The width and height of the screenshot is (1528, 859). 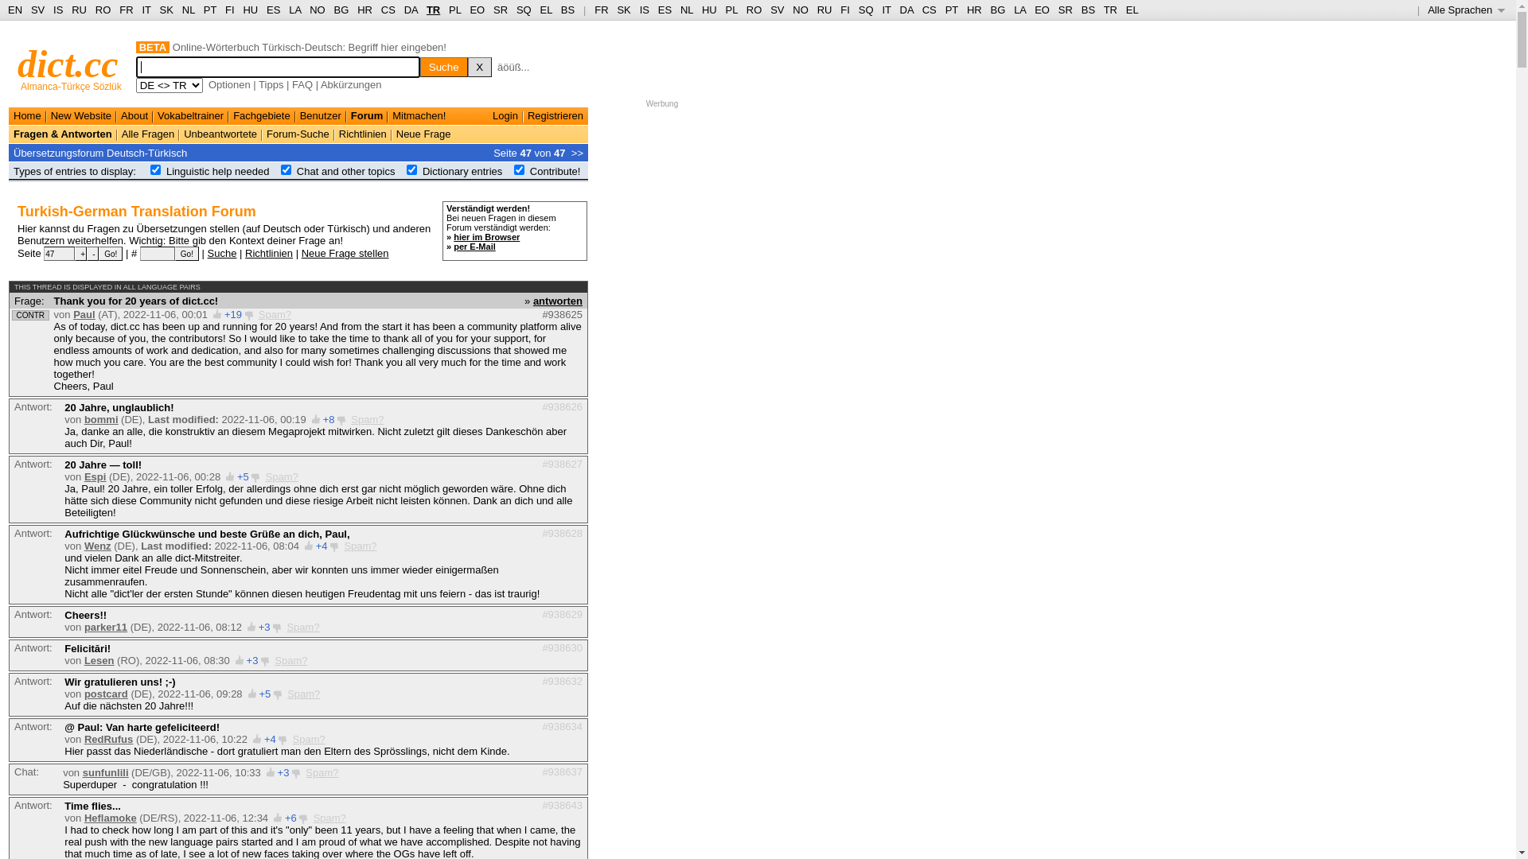 I want to click on 'BS', so click(x=567, y=10).